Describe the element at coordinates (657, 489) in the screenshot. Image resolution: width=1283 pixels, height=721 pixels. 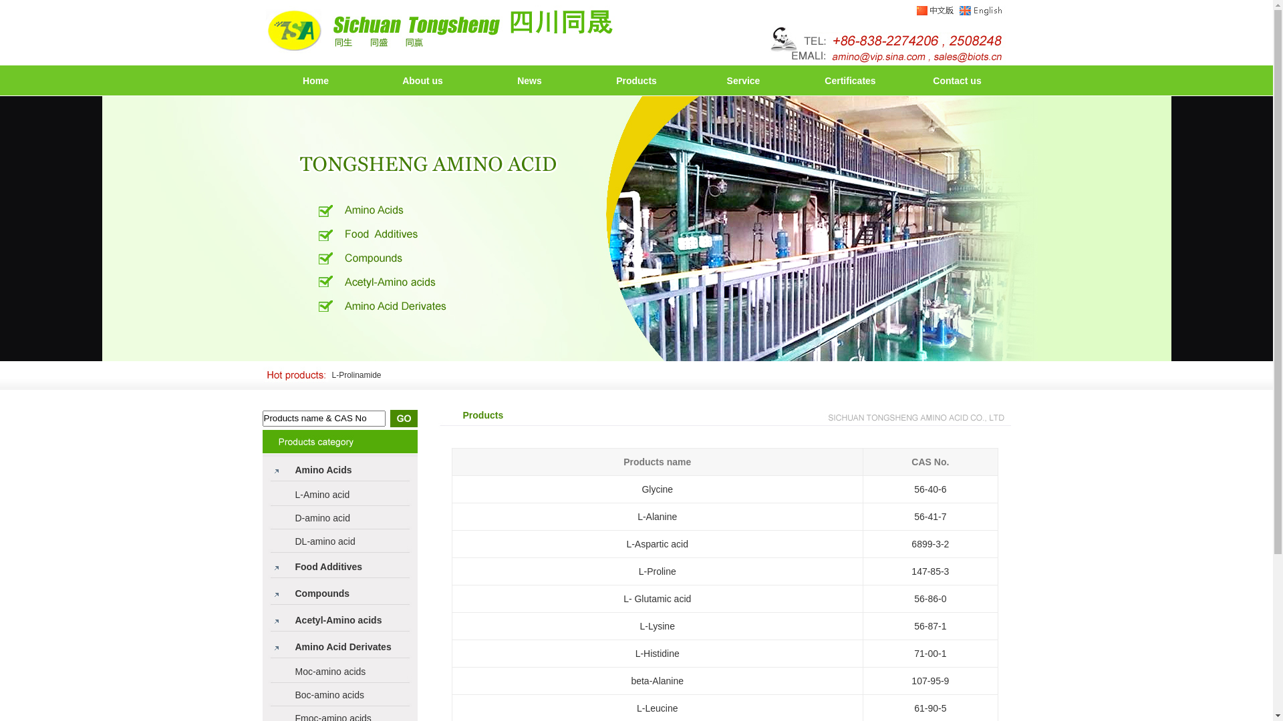
I see `'Glycine'` at that location.